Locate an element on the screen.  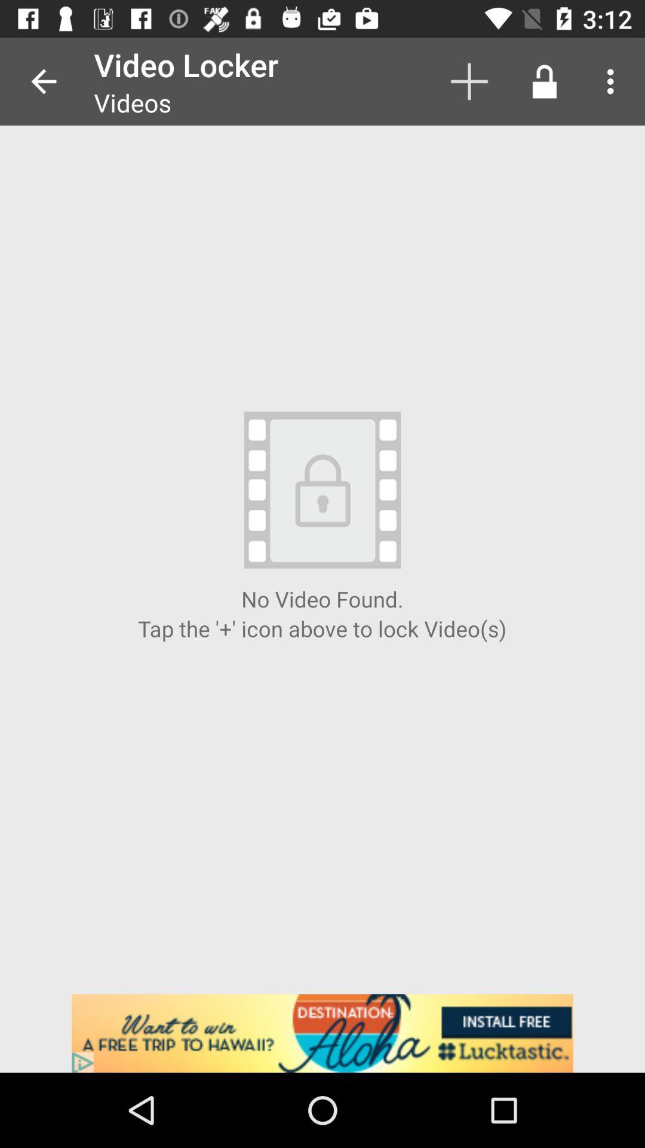
destination aloha advertisement is located at coordinates (322, 1033).